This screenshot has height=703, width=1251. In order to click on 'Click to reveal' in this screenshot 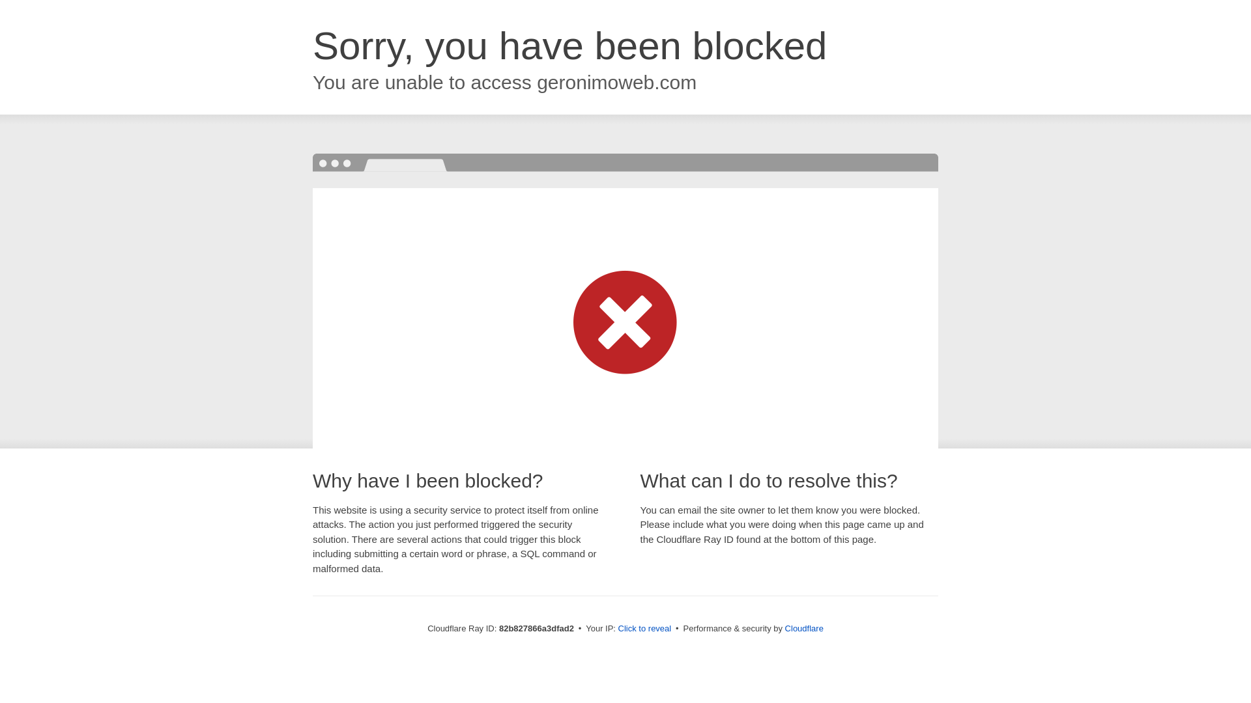, I will do `click(618, 627)`.